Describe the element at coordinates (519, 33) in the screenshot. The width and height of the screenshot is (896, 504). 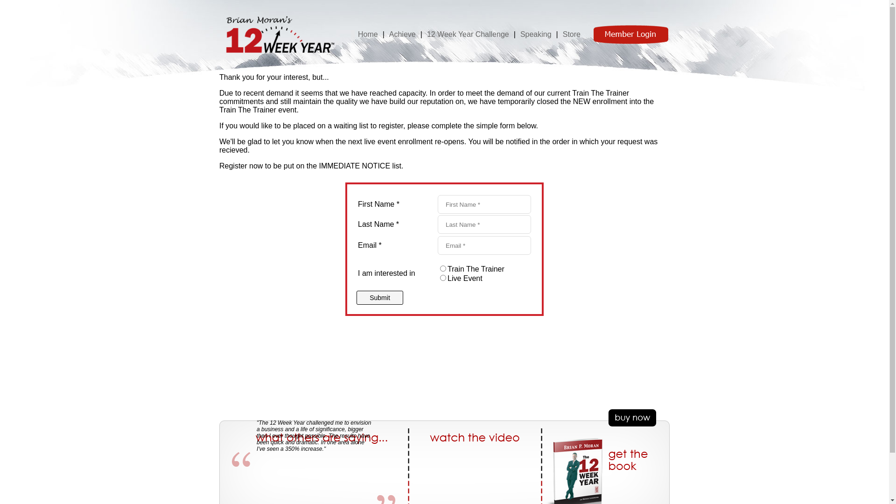
I see `'Speaking'` at that location.